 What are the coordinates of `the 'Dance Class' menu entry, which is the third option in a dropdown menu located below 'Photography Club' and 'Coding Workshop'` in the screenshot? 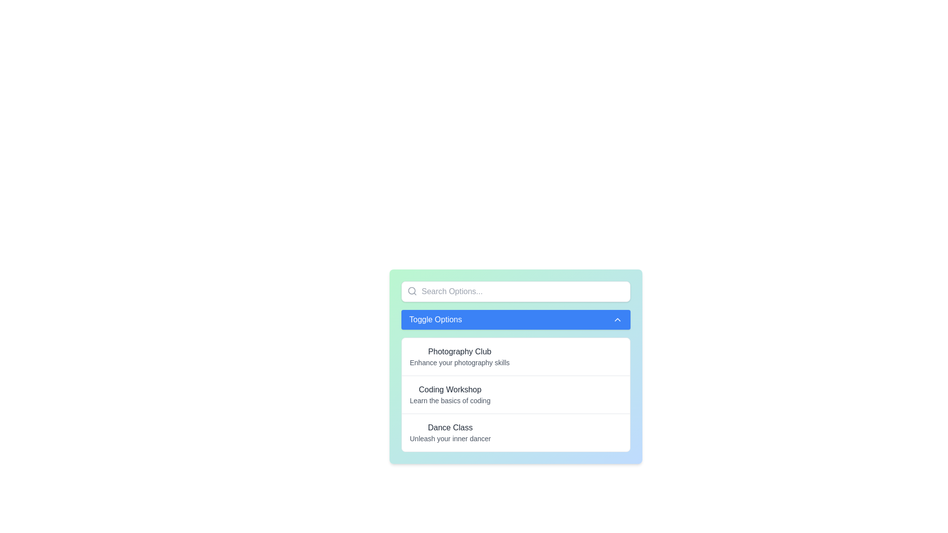 It's located at (450, 432).